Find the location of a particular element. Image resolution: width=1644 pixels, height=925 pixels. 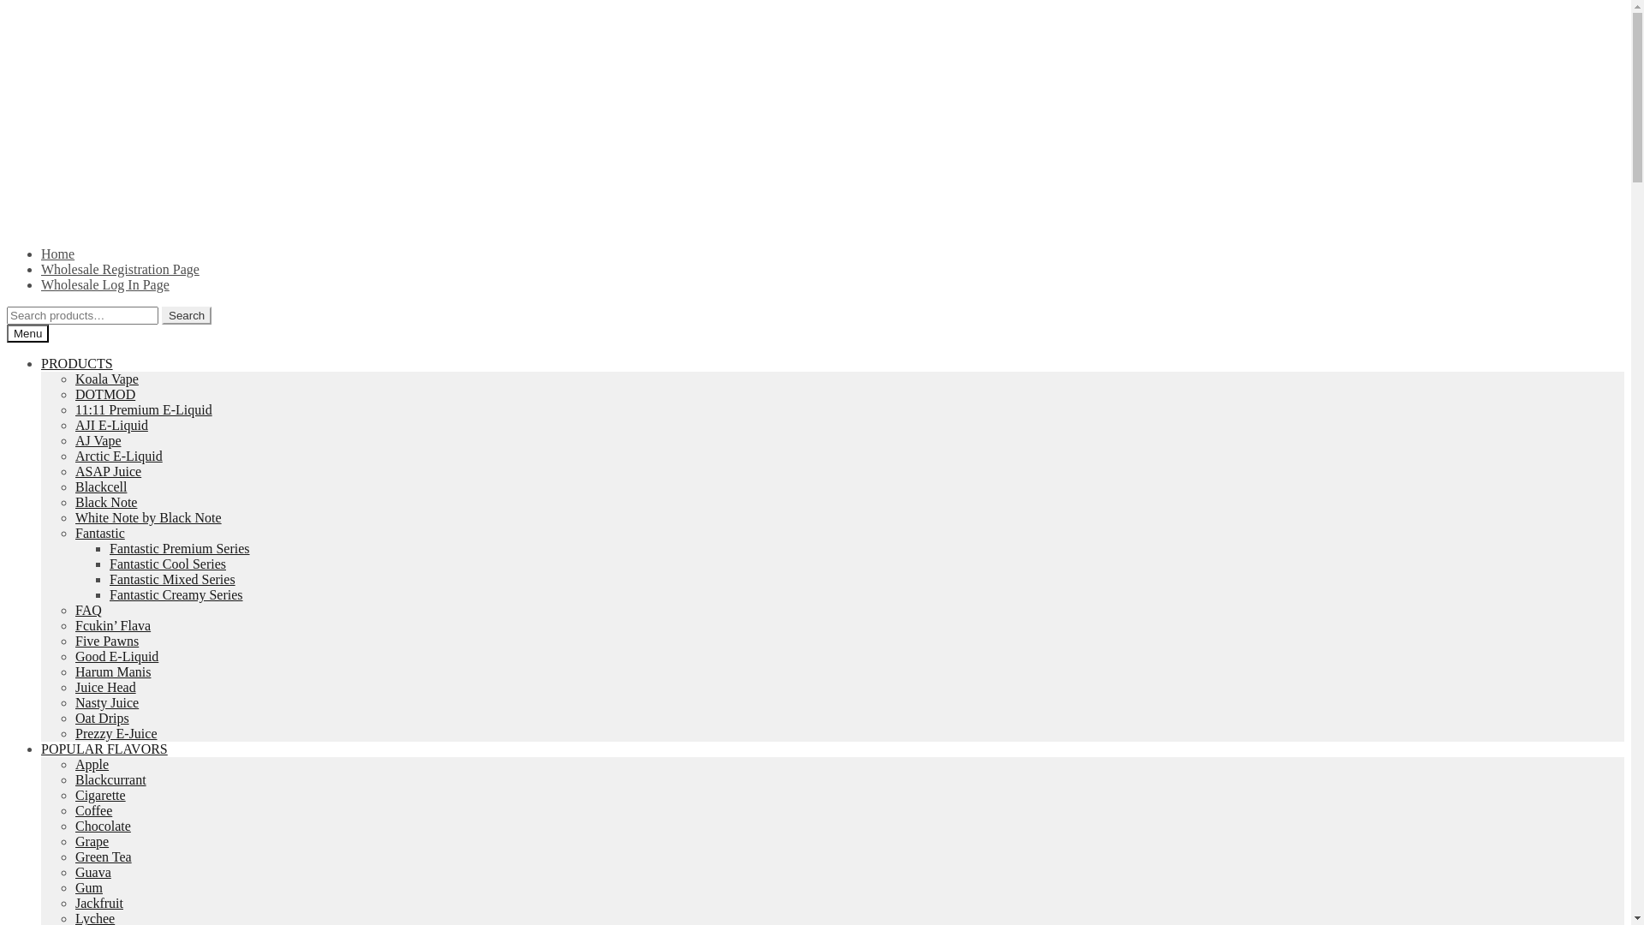

'POPULAR FLAVORS' is located at coordinates (41, 748).